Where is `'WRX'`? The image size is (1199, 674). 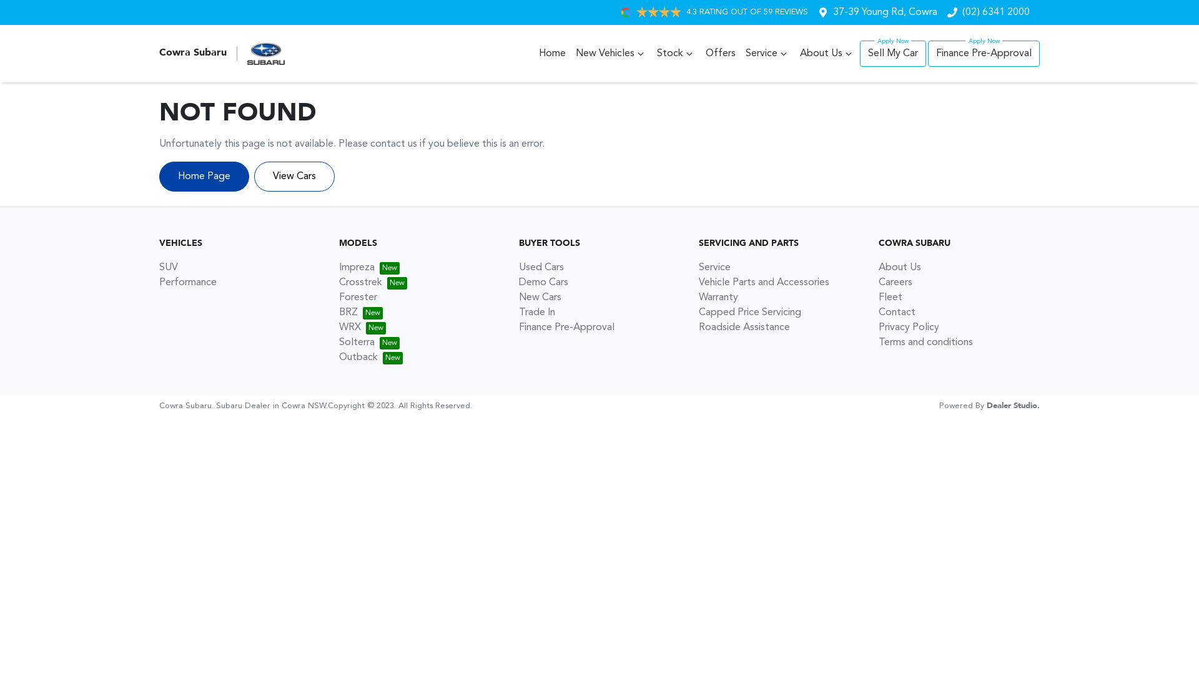
'WRX' is located at coordinates (338, 326).